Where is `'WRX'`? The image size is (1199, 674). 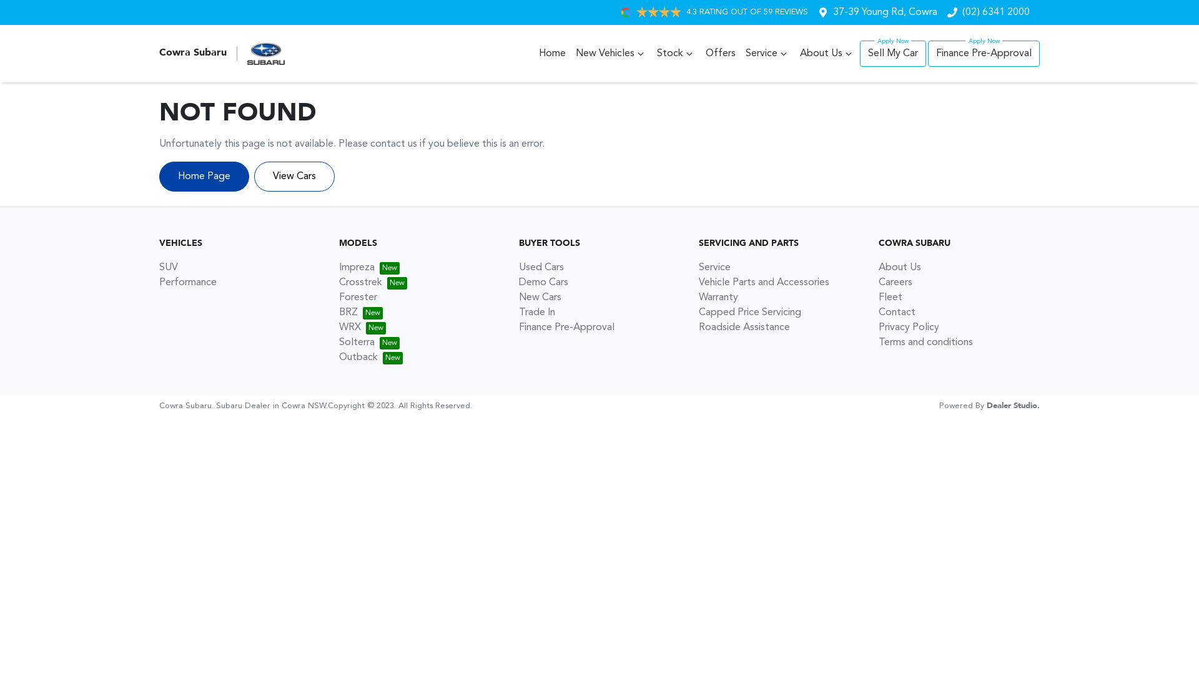
'WRX' is located at coordinates (338, 326).